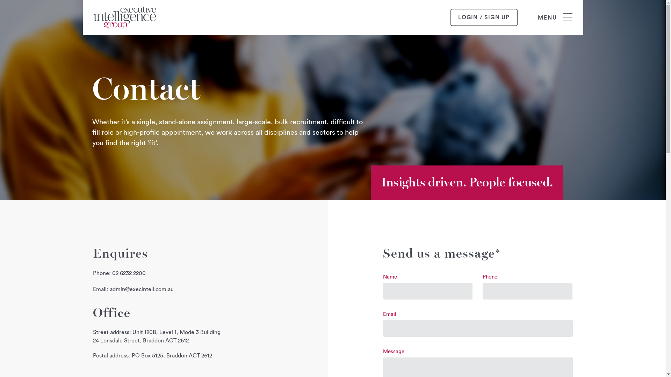 The height and width of the screenshot is (377, 671). Describe the element at coordinates (483, 17) in the screenshot. I see `'LOGIN / SIGN UP'` at that location.